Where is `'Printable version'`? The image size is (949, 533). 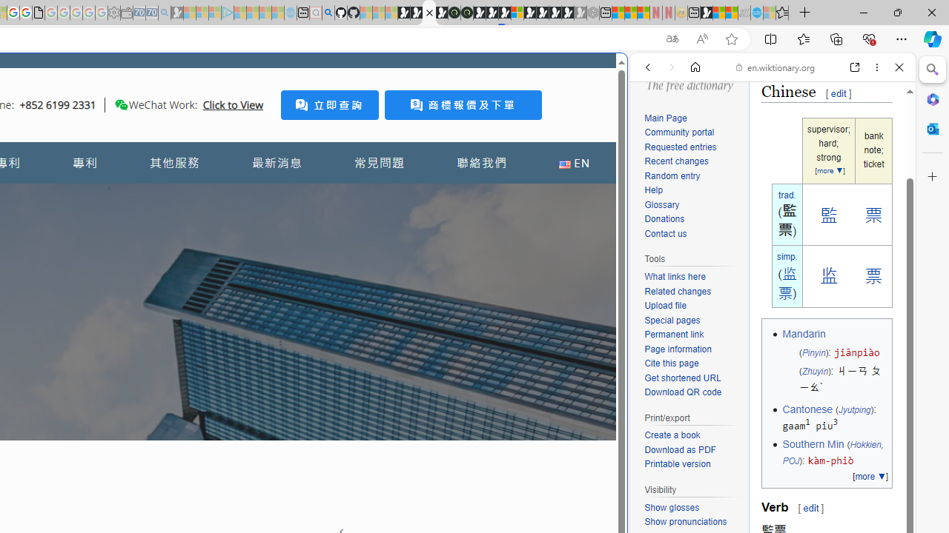 'Printable version' is located at coordinates (676, 463).